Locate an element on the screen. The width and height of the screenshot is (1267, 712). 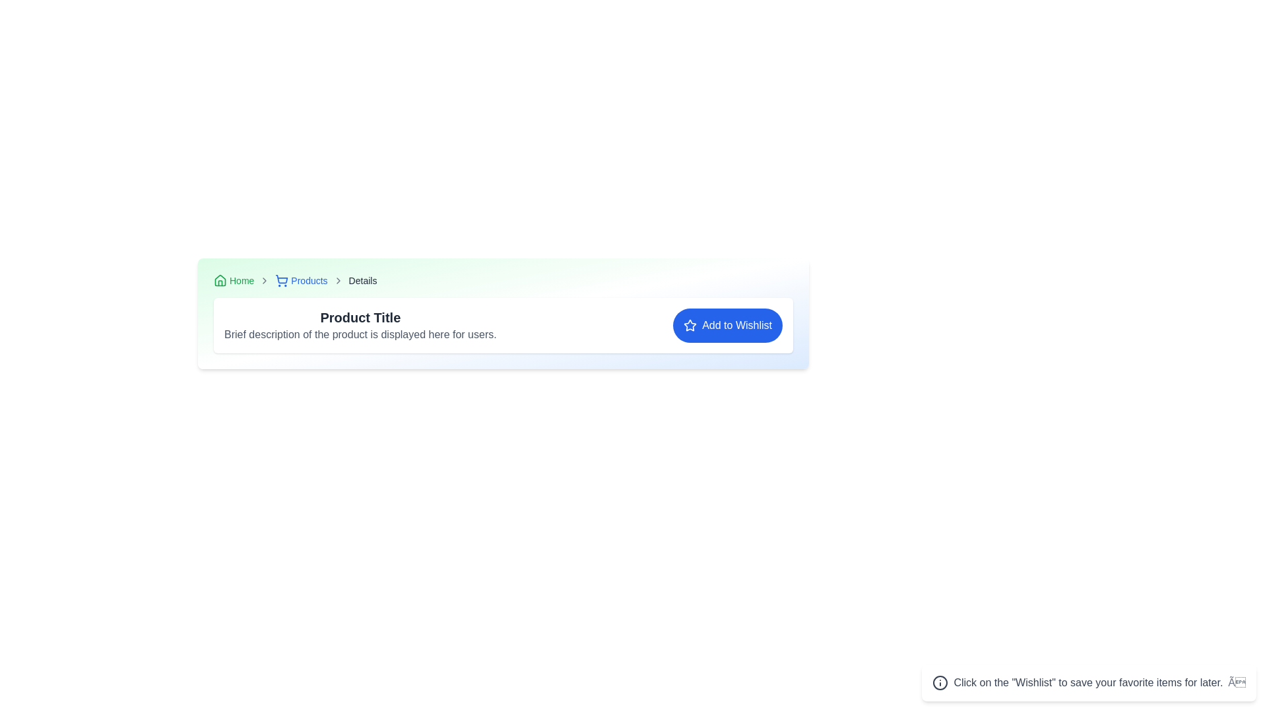
the 'Home' hyperlink with a house-shaped icon is located at coordinates (234, 280).